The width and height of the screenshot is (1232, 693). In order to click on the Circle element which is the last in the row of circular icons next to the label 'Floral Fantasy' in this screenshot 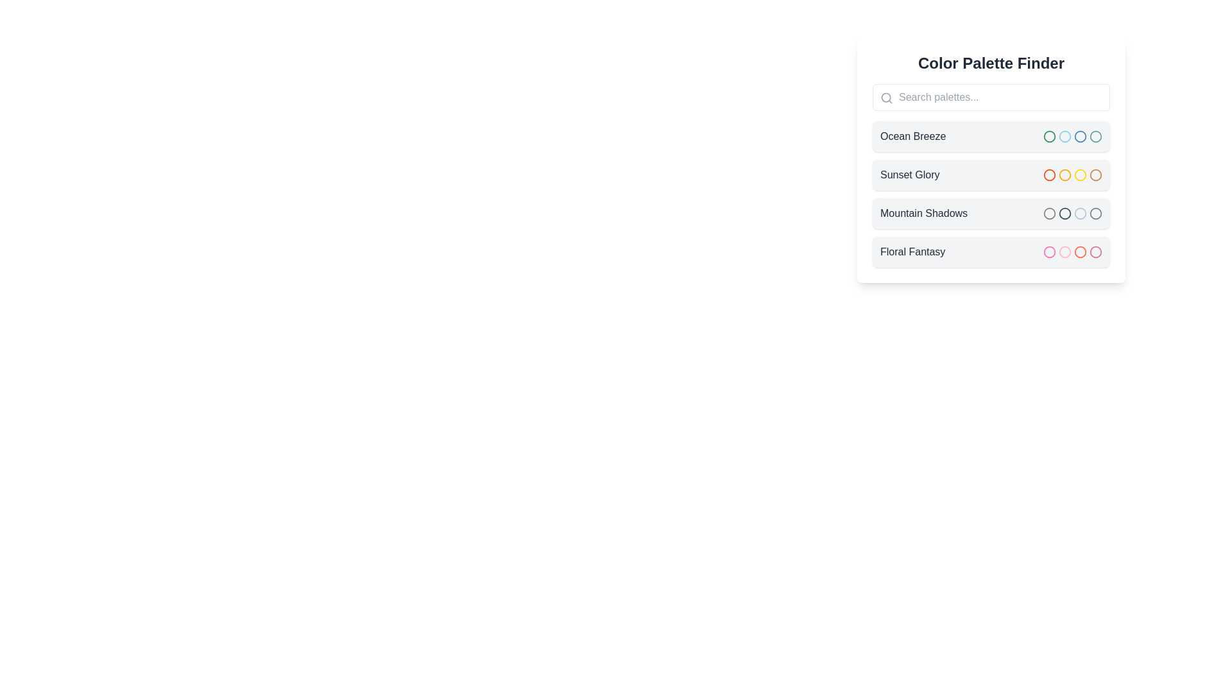, I will do `click(1080, 252)`.